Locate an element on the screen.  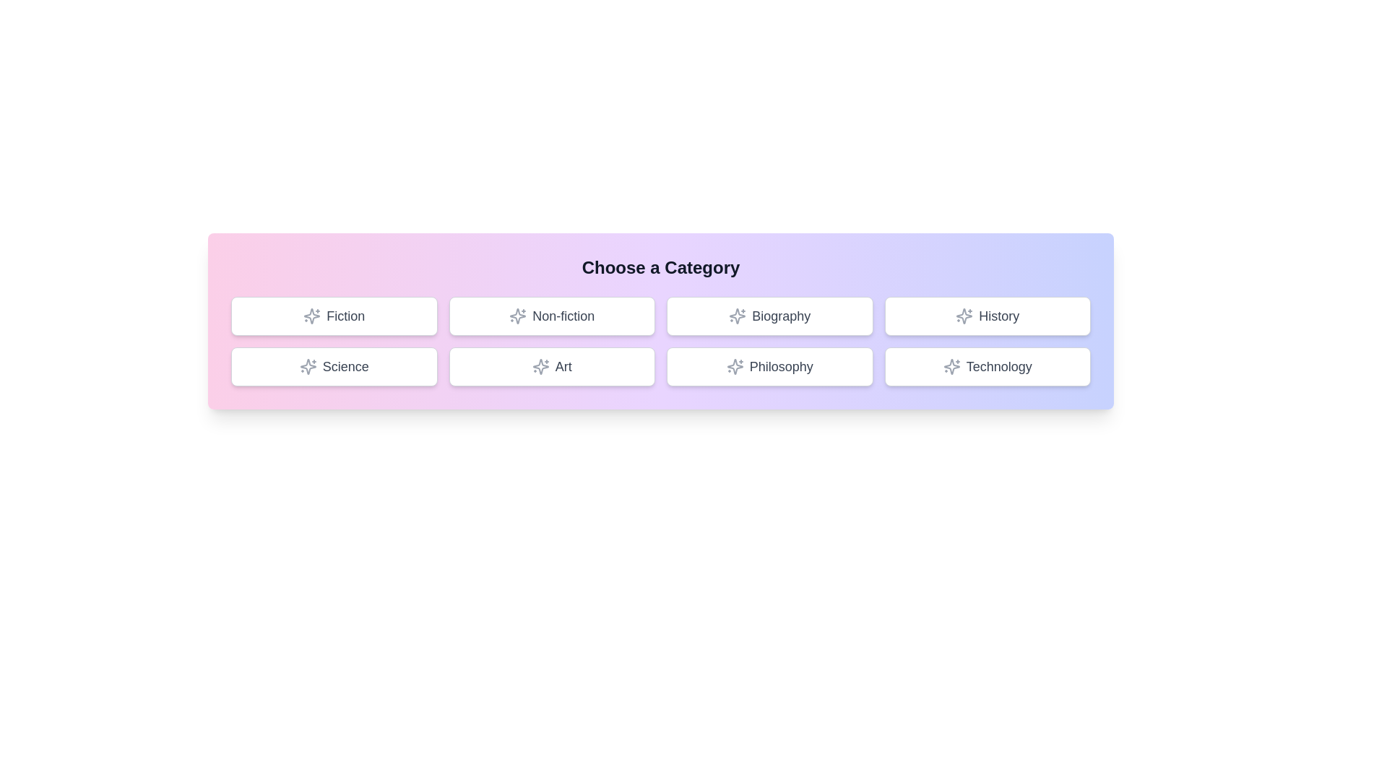
the button labeled 'Non-fiction' to observe the hover effect is located at coordinates (551, 316).